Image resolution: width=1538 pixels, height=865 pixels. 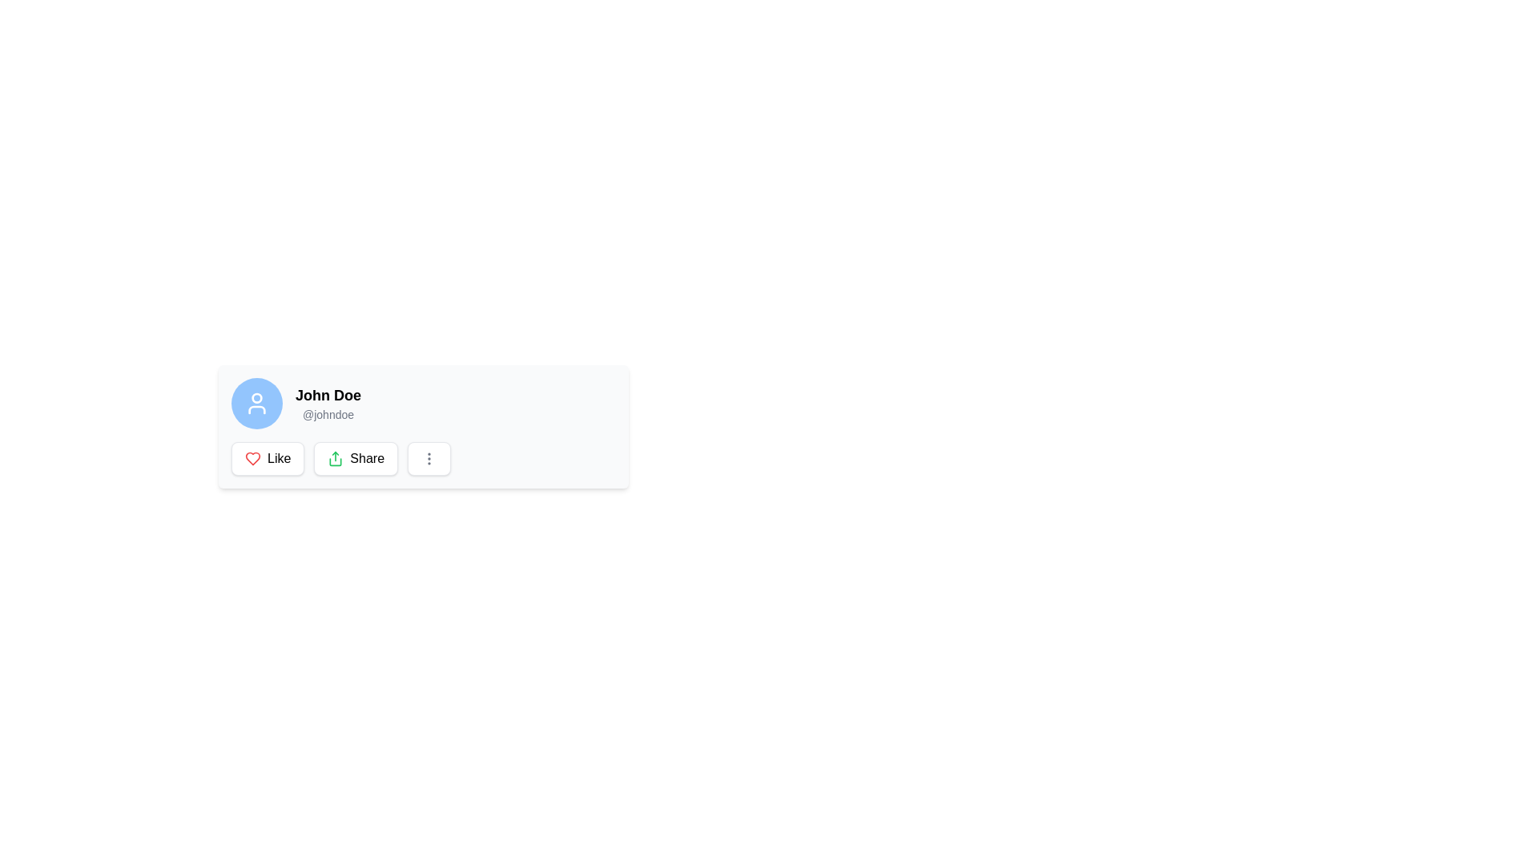 What do you see at coordinates (423, 459) in the screenshot?
I see `the menu button represented by three vertically aligned gray dots located in the Action button group beneath the username 'John Doe'` at bounding box center [423, 459].